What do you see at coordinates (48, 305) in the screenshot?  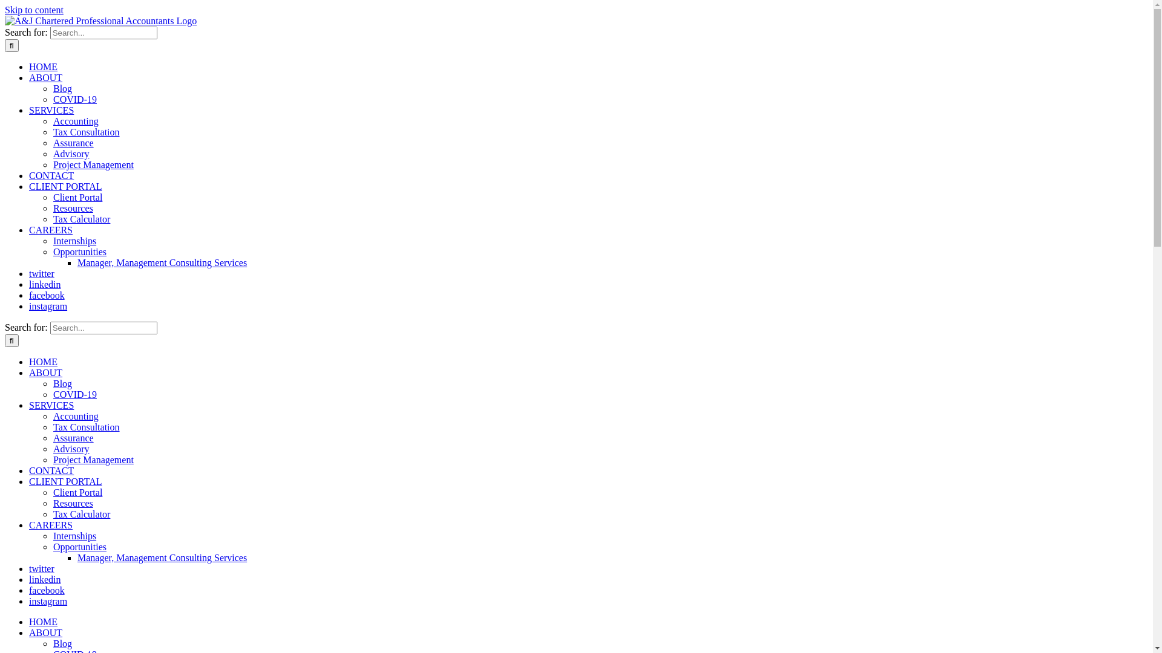 I see `'instagram'` at bounding box center [48, 305].